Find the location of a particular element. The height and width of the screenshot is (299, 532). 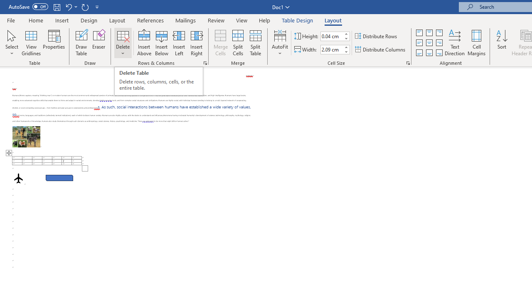

'Rectangle: Diagonal Corners Snipped 2' is located at coordinates (59, 177).